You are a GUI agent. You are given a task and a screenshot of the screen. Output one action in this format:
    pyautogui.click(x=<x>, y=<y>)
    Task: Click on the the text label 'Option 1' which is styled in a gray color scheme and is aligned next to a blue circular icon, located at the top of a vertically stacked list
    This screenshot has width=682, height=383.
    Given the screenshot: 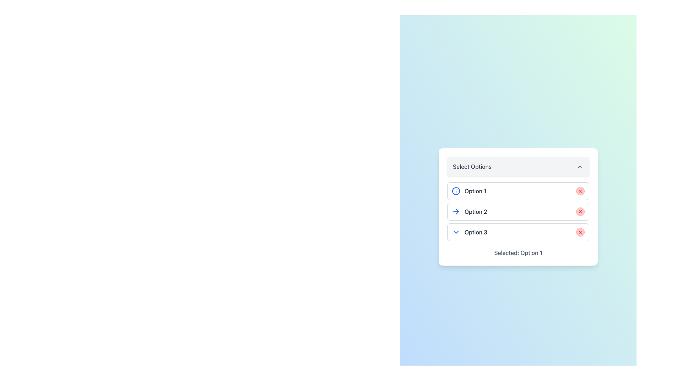 What is the action you would take?
    pyautogui.click(x=469, y=190)
    